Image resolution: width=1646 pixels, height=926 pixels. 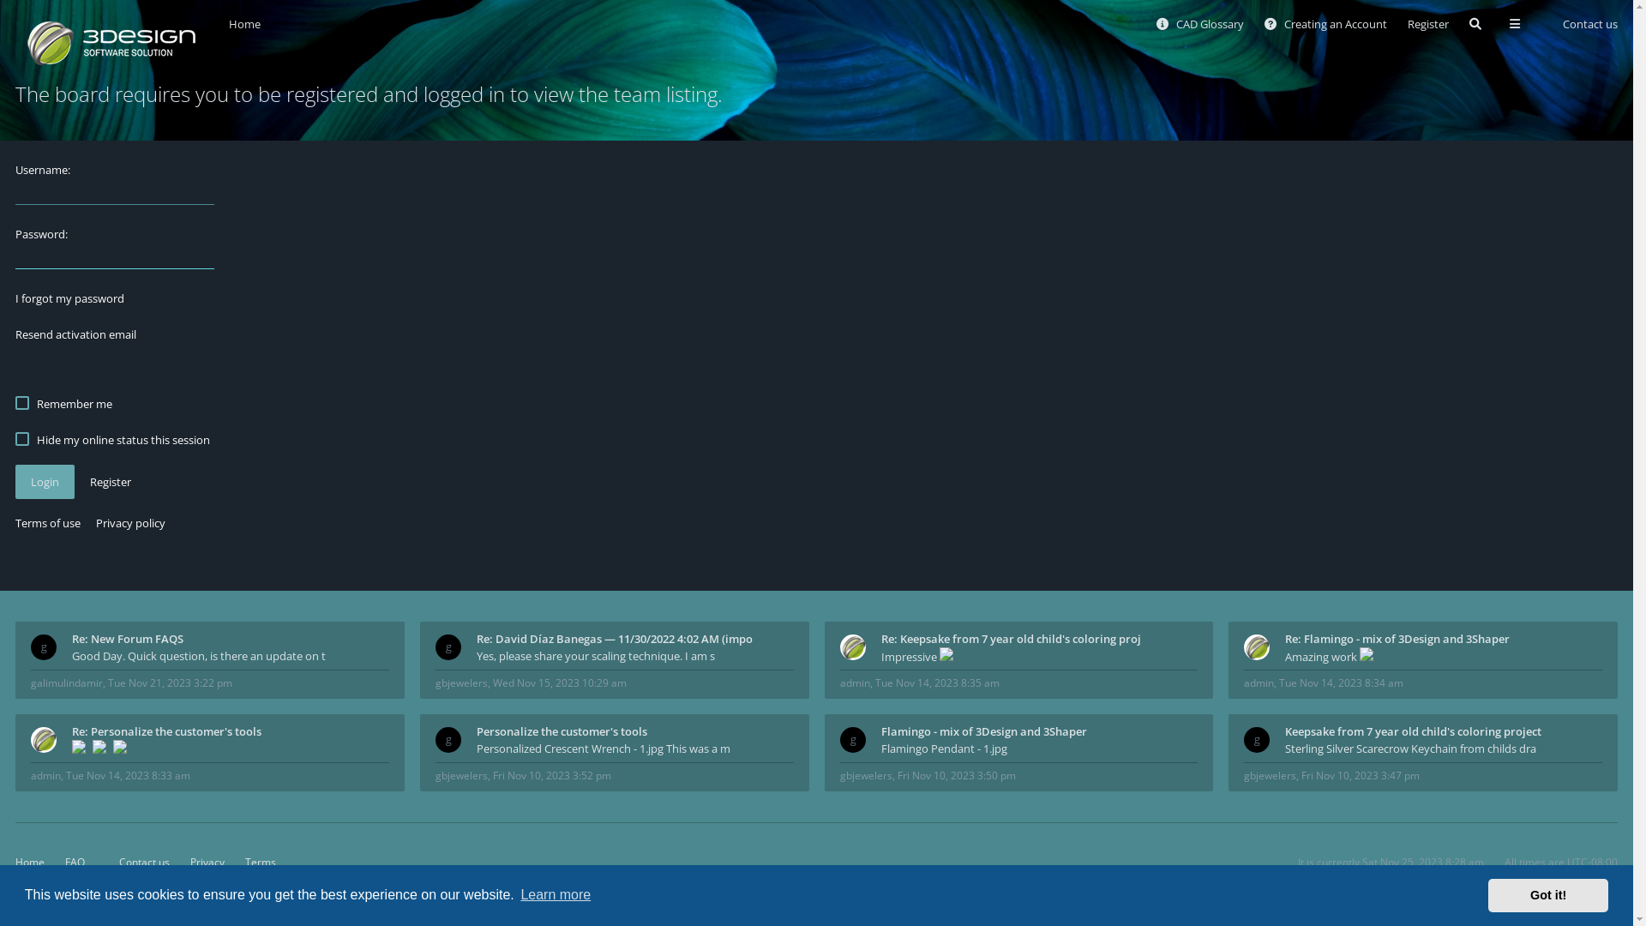 What do you see at coordinates (1443, 656) in the screenshot?
I see `'Amazing work'` at bounding box center [1443, 656].